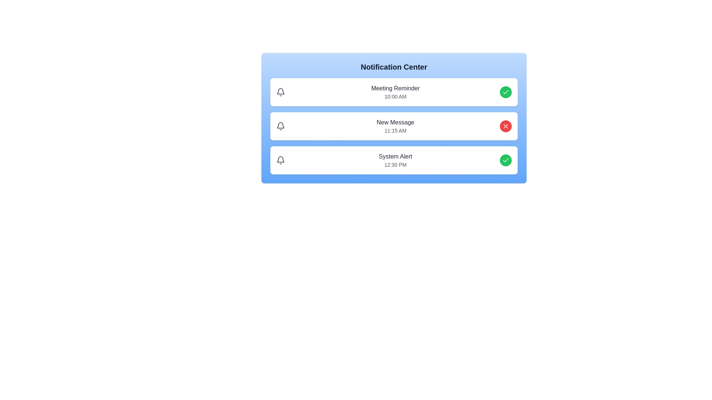 The height and width of the screenshot is (400, 712). Describe the element at coordinates (280, 92) in the screenshot. I see `the notification icon to interact with it` at that location.